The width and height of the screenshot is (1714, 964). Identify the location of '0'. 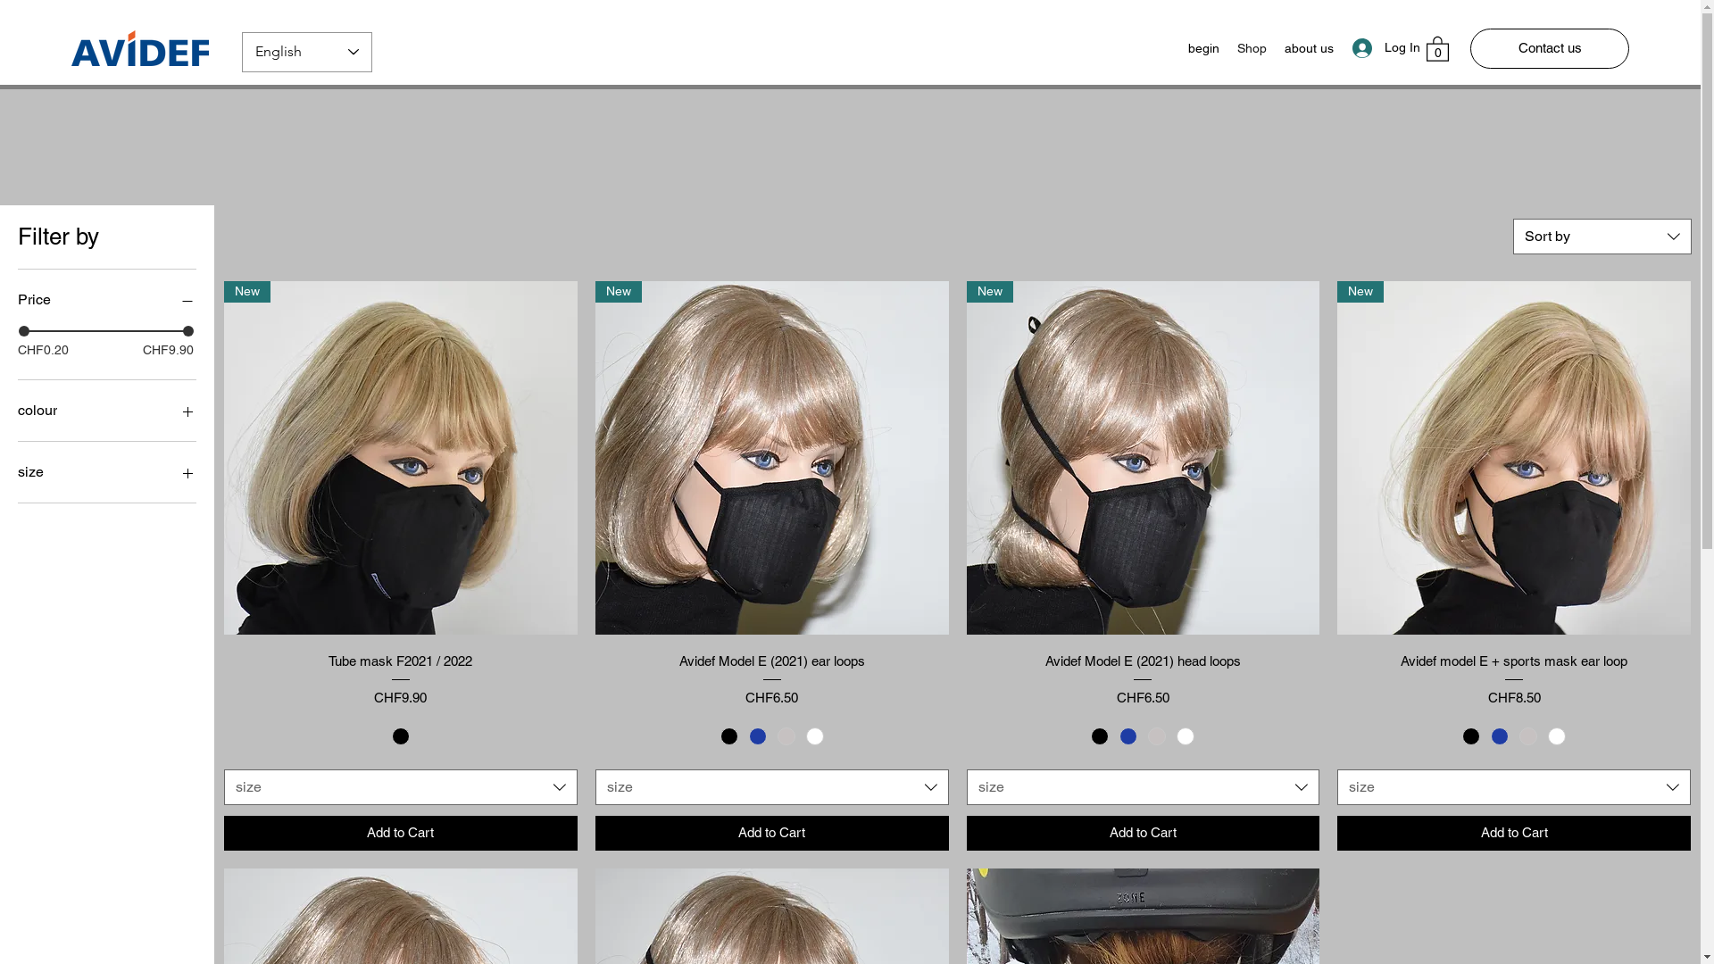
(1437, 47).